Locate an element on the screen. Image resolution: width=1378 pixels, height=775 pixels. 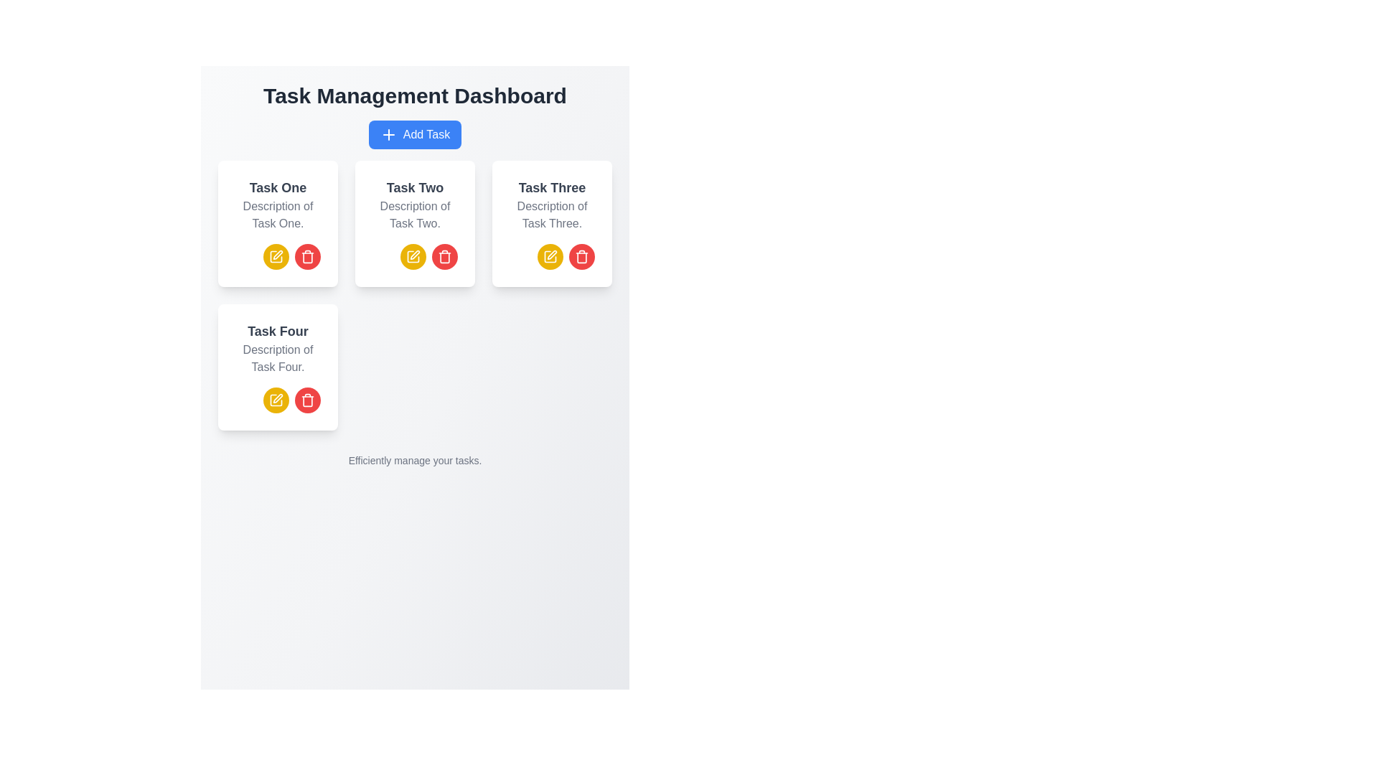
the edit button for 'Task One' in the dashboard to observe a color change indicating interactivity is located at coordinates (276, 256).